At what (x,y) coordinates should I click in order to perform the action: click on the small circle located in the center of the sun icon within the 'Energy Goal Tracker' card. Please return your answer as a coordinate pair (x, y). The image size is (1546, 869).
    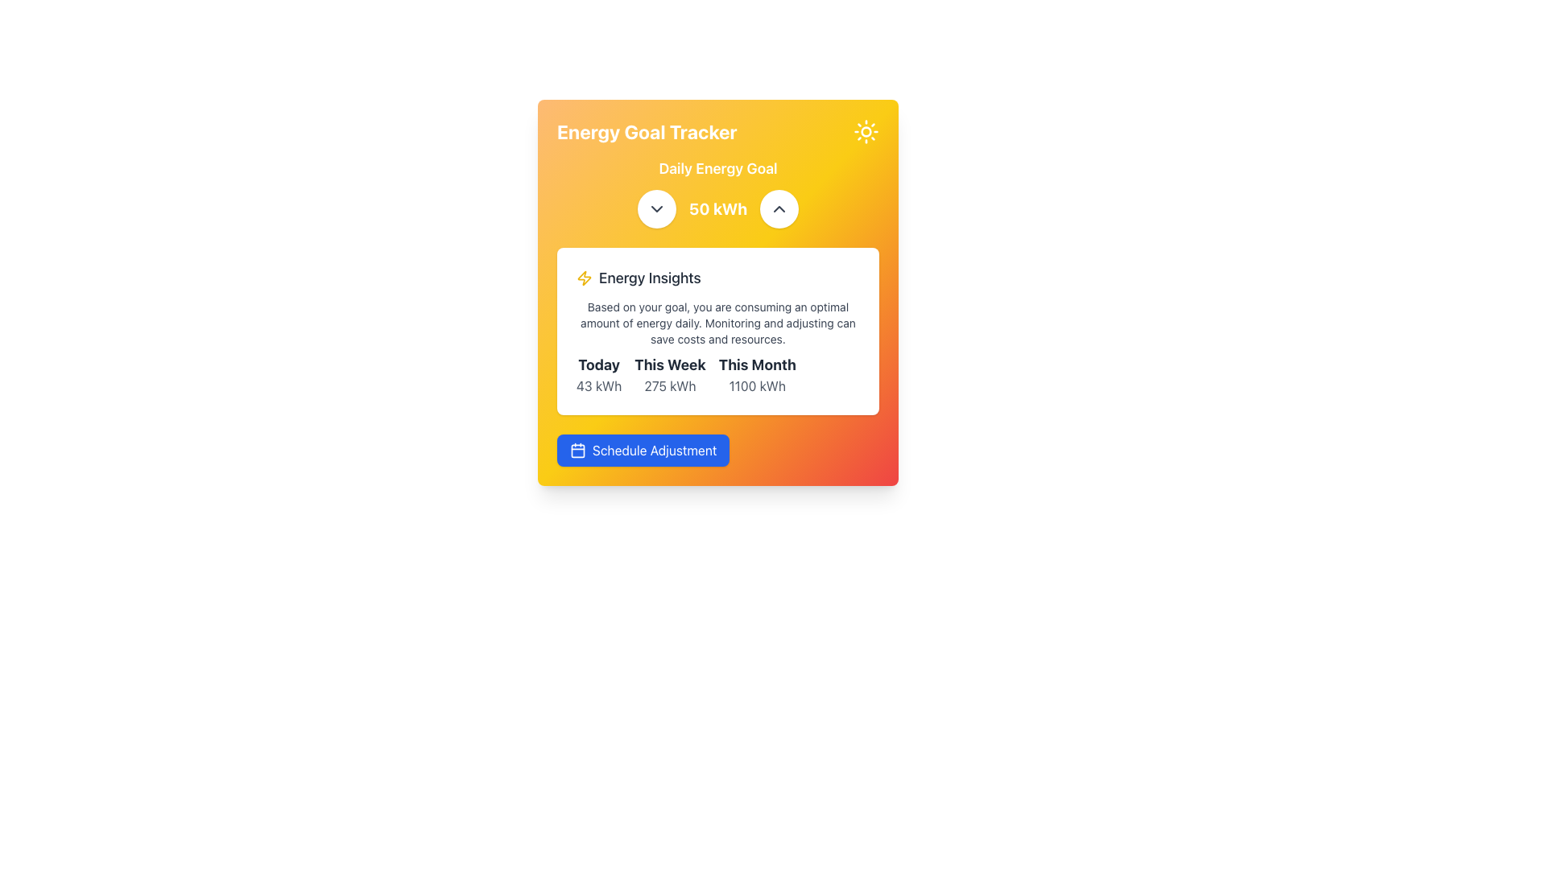
    Looking at the image, I should click on (865, 131).